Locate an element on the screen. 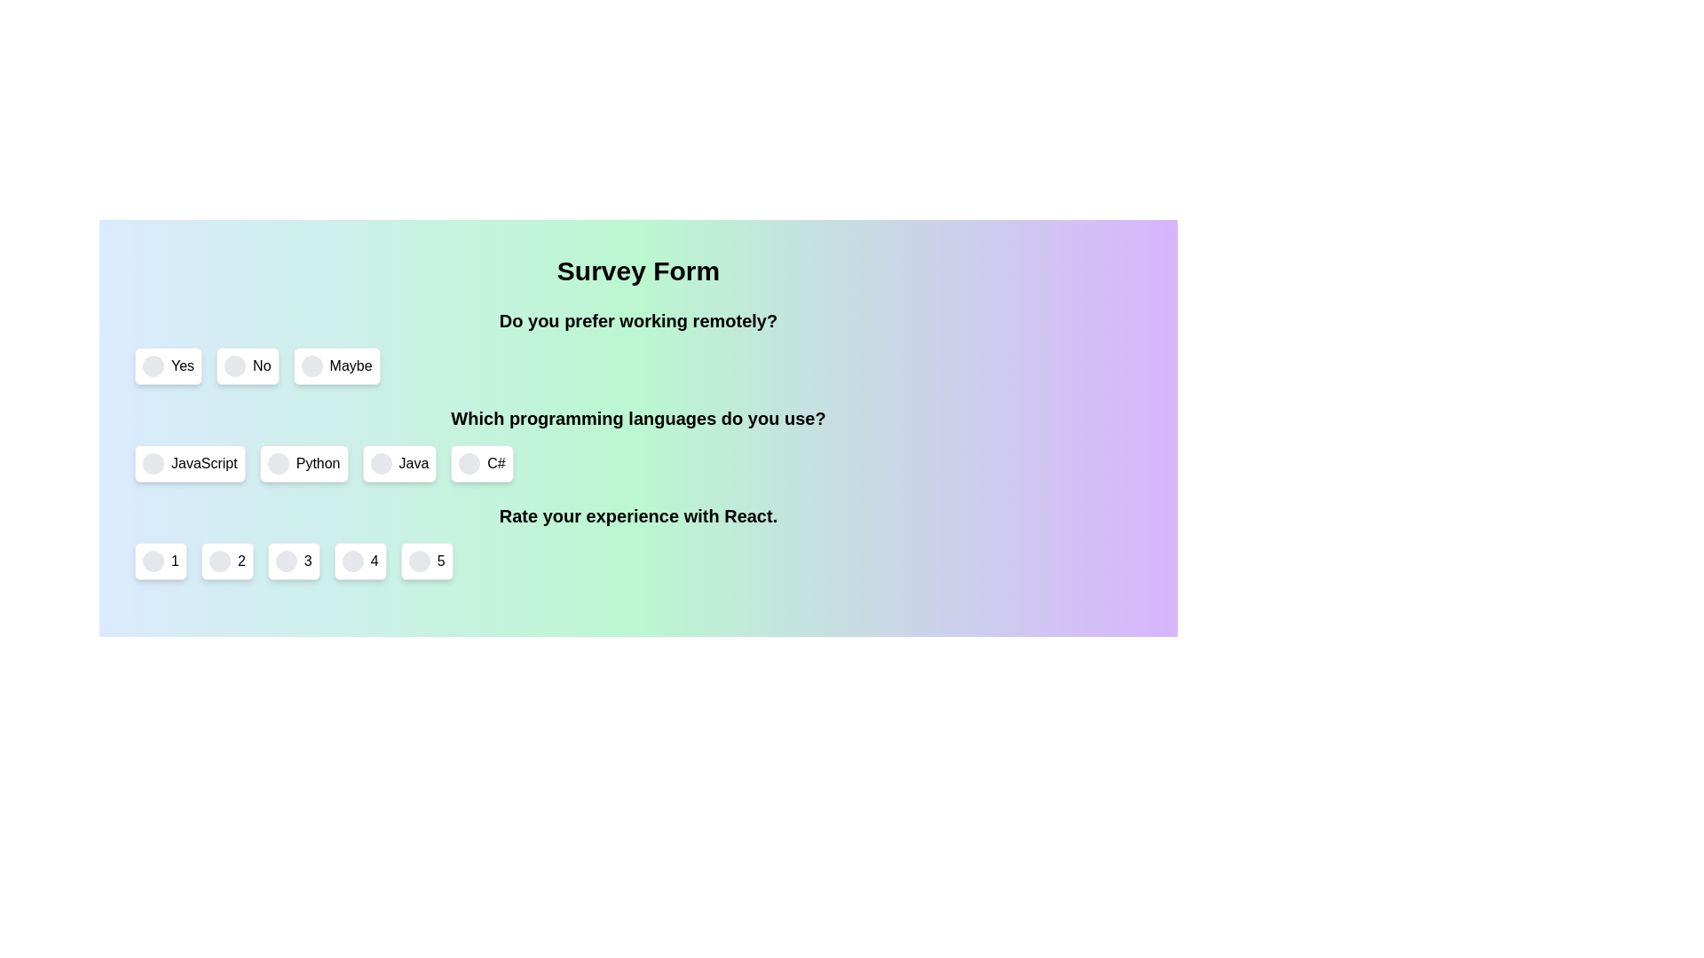  the text label displaying 'Java' associated with the radio button option is located at coordinates (413, 463).